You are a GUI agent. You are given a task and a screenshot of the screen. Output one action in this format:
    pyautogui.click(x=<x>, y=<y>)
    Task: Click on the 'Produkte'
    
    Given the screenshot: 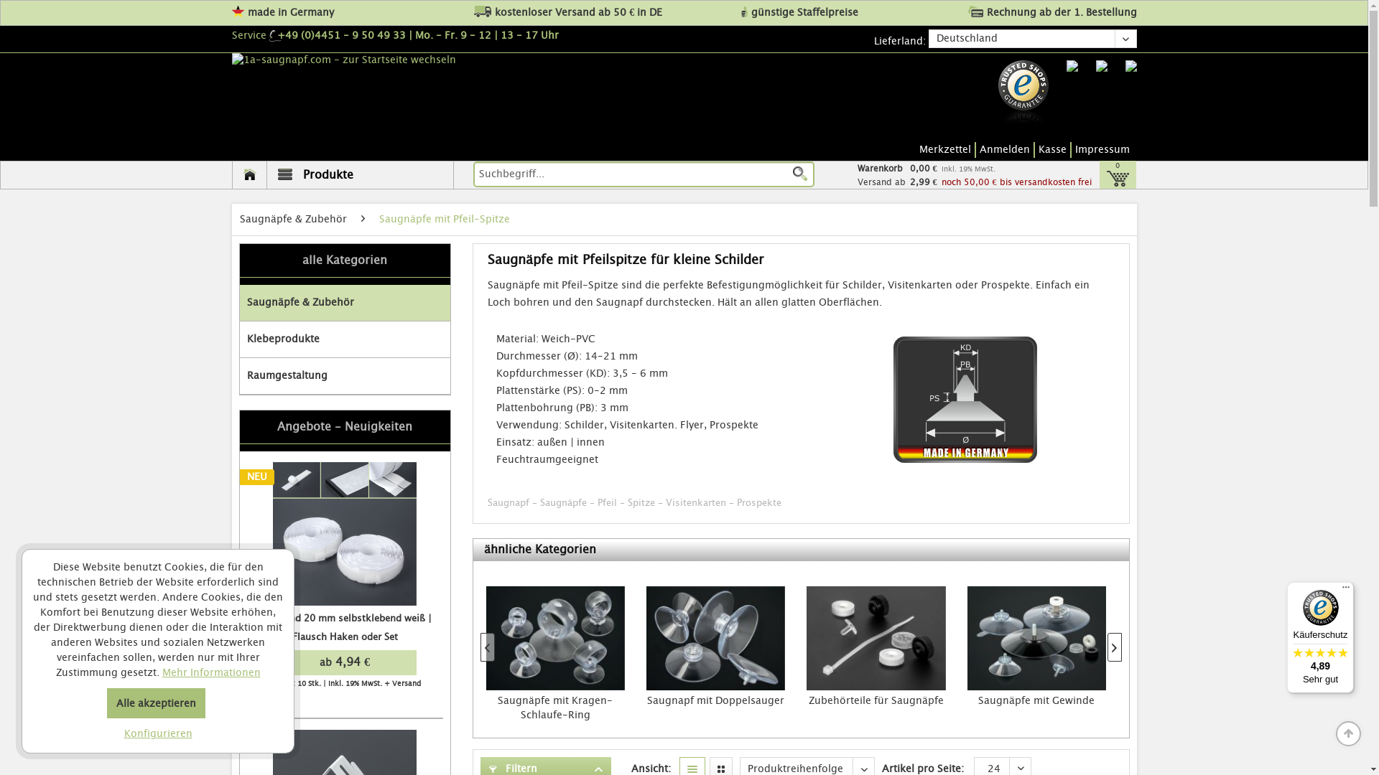 What is the action you would take?
    pyautogui.click(x=267, y=174)
    